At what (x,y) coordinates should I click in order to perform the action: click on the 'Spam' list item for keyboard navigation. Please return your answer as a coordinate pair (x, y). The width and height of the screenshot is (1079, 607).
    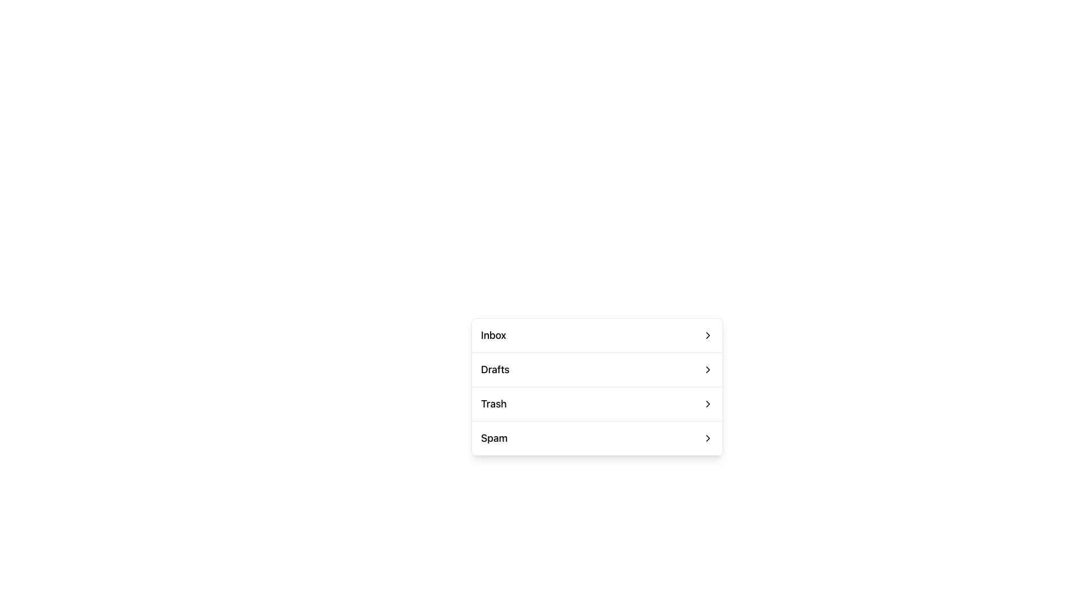
    Looking at the image, I should click on (596, 437).